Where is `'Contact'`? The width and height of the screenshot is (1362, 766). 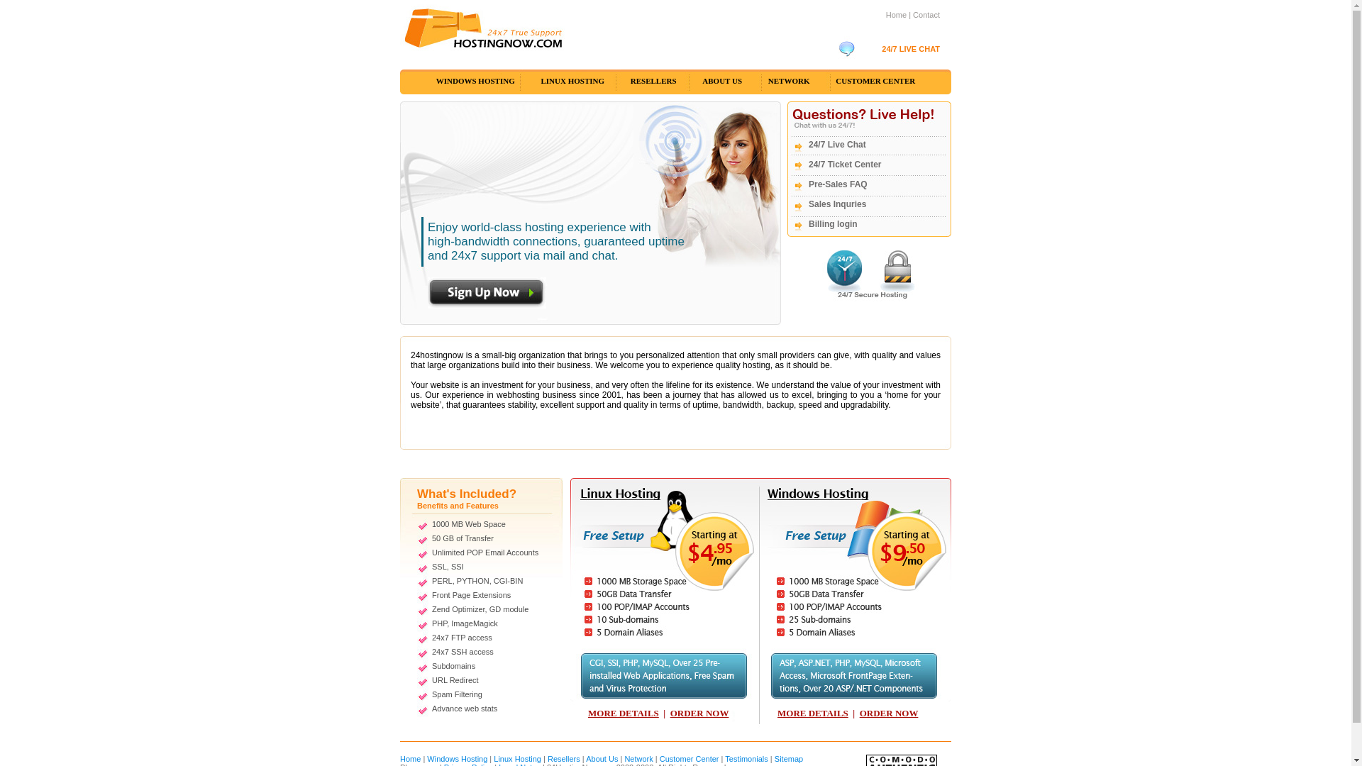
'Contact' is located at coordinates (926, 14).